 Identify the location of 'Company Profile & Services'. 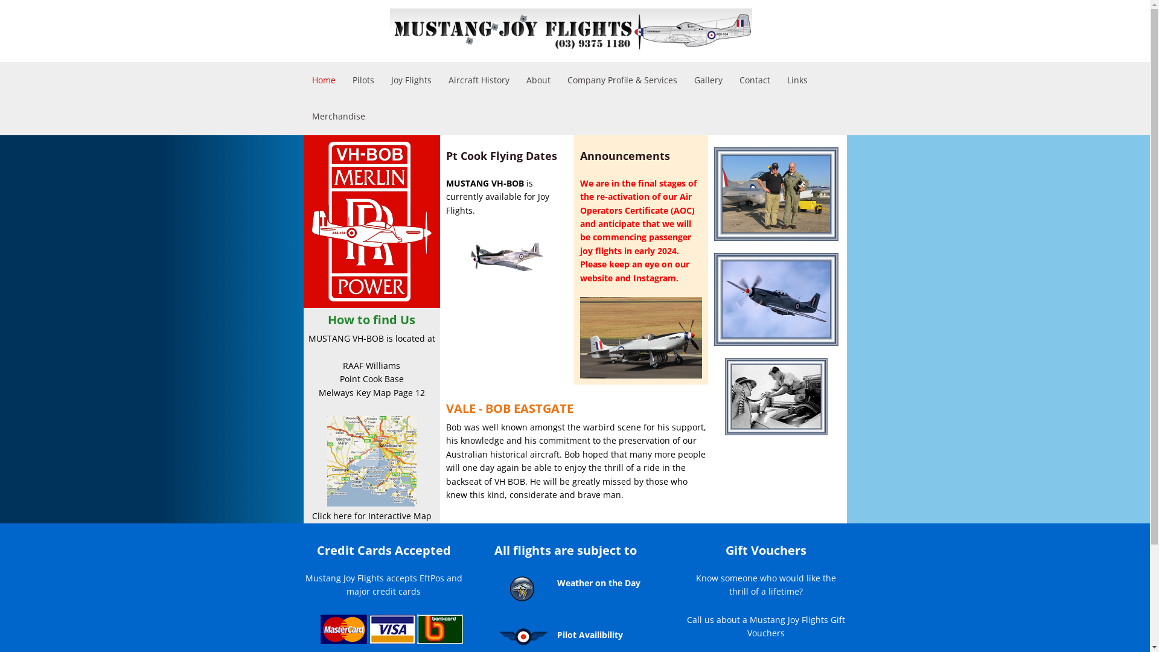
(622, 80).